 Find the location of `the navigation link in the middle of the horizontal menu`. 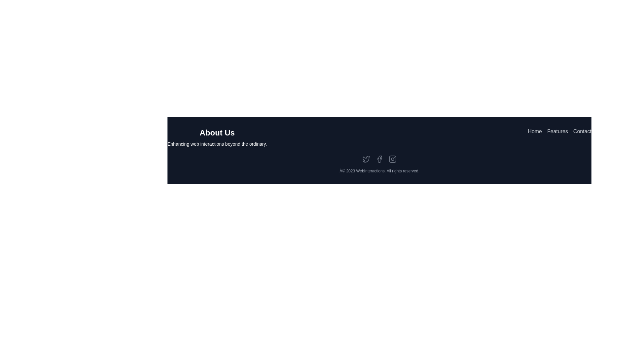

the navigation link in the middle of the horizontal menu is located at coordinates (557, 137).